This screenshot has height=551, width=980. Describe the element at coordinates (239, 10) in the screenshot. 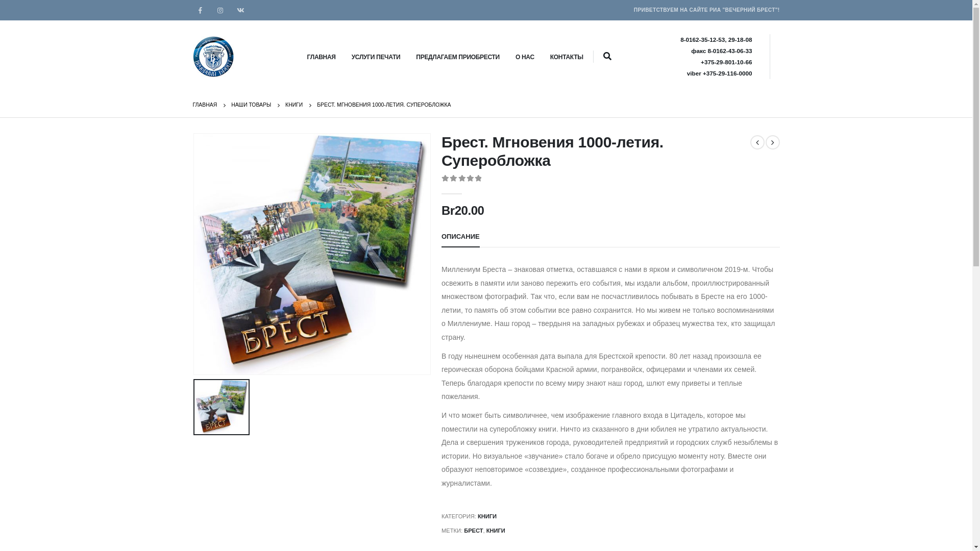

I see `'VK'` at that location.